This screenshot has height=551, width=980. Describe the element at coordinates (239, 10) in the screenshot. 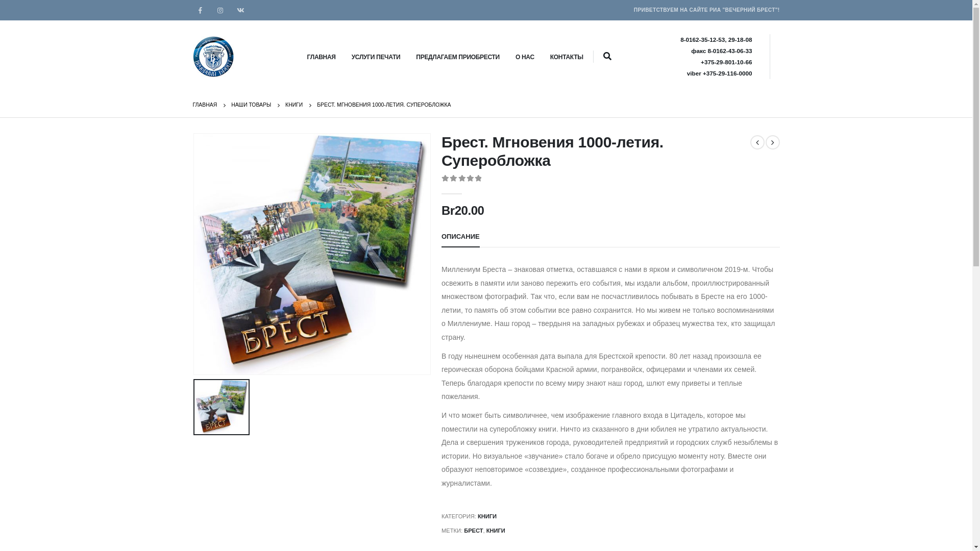

I see `'VK'` at that location.